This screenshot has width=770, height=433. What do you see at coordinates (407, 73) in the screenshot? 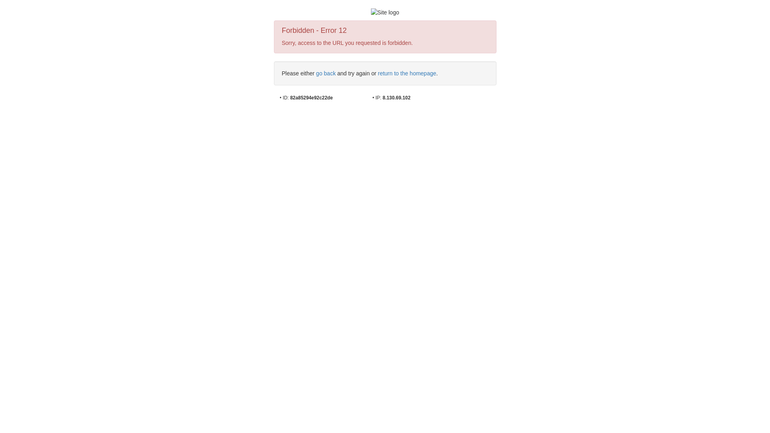
I see `'return to the homepage'` at bounding box center [407, 73].